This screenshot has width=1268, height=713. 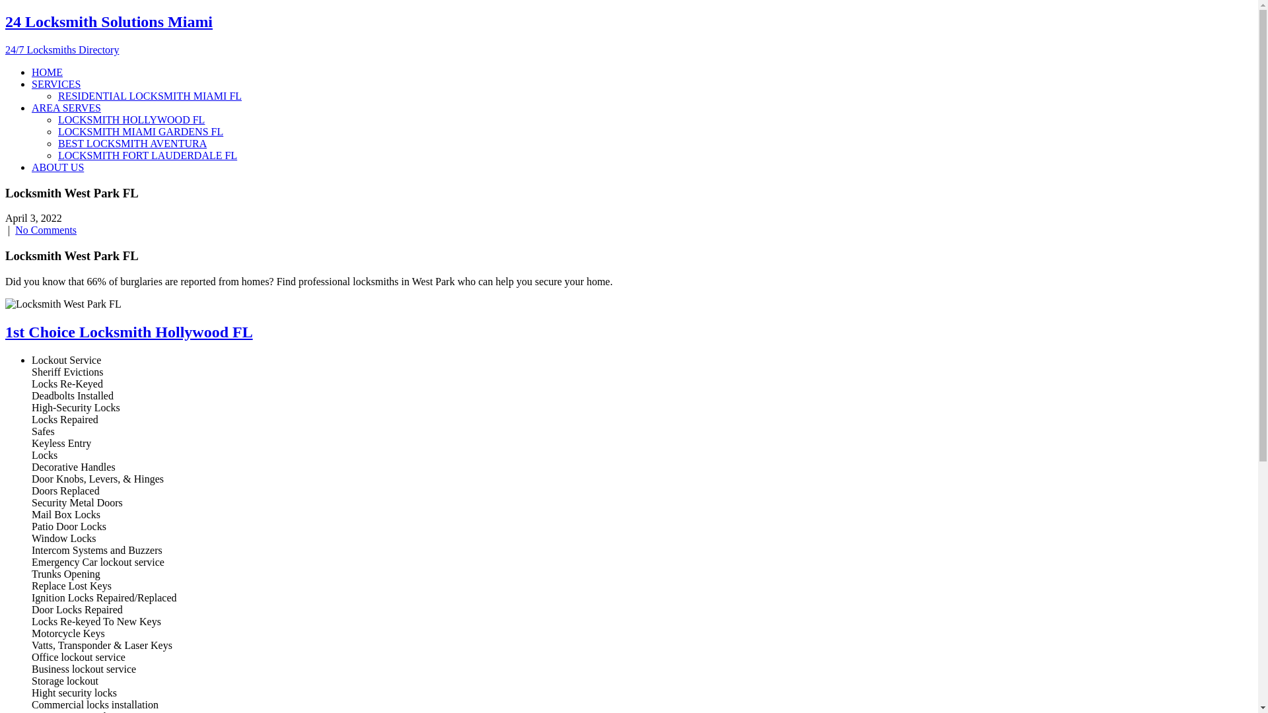 I want to click on '24 Locksmith Solutions Miami, so click(x=5, y=34).